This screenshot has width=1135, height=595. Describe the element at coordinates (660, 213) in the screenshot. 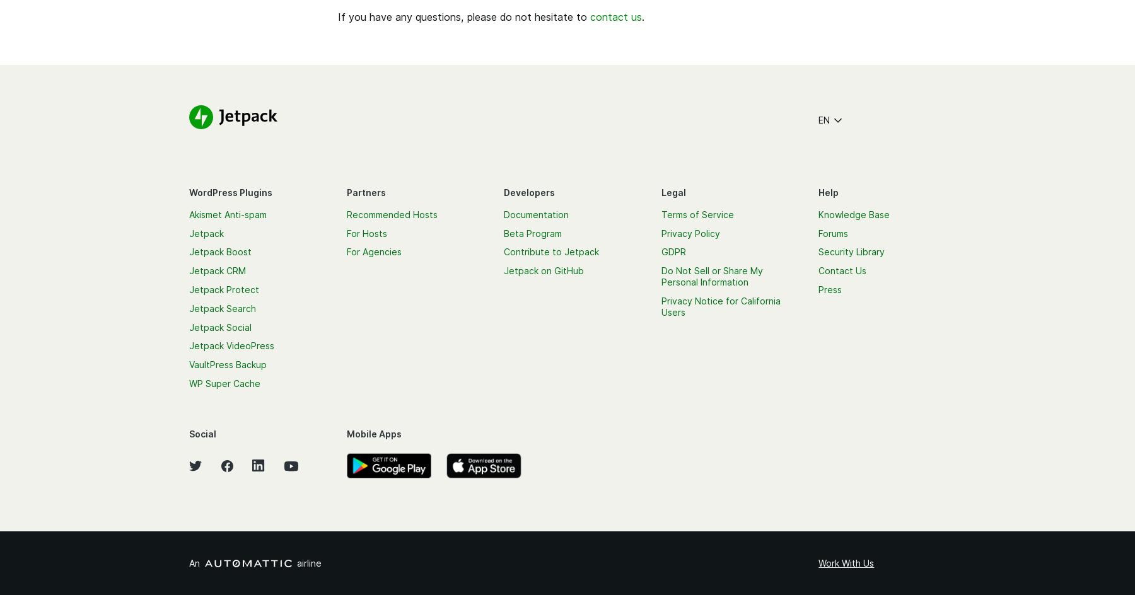

I see `'Terms of Service'` at that location.